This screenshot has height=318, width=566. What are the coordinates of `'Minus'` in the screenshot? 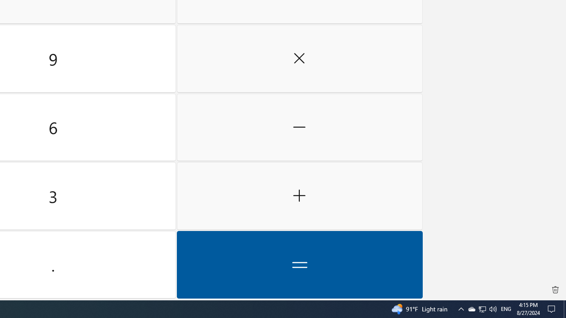 It's located at (299, 127).